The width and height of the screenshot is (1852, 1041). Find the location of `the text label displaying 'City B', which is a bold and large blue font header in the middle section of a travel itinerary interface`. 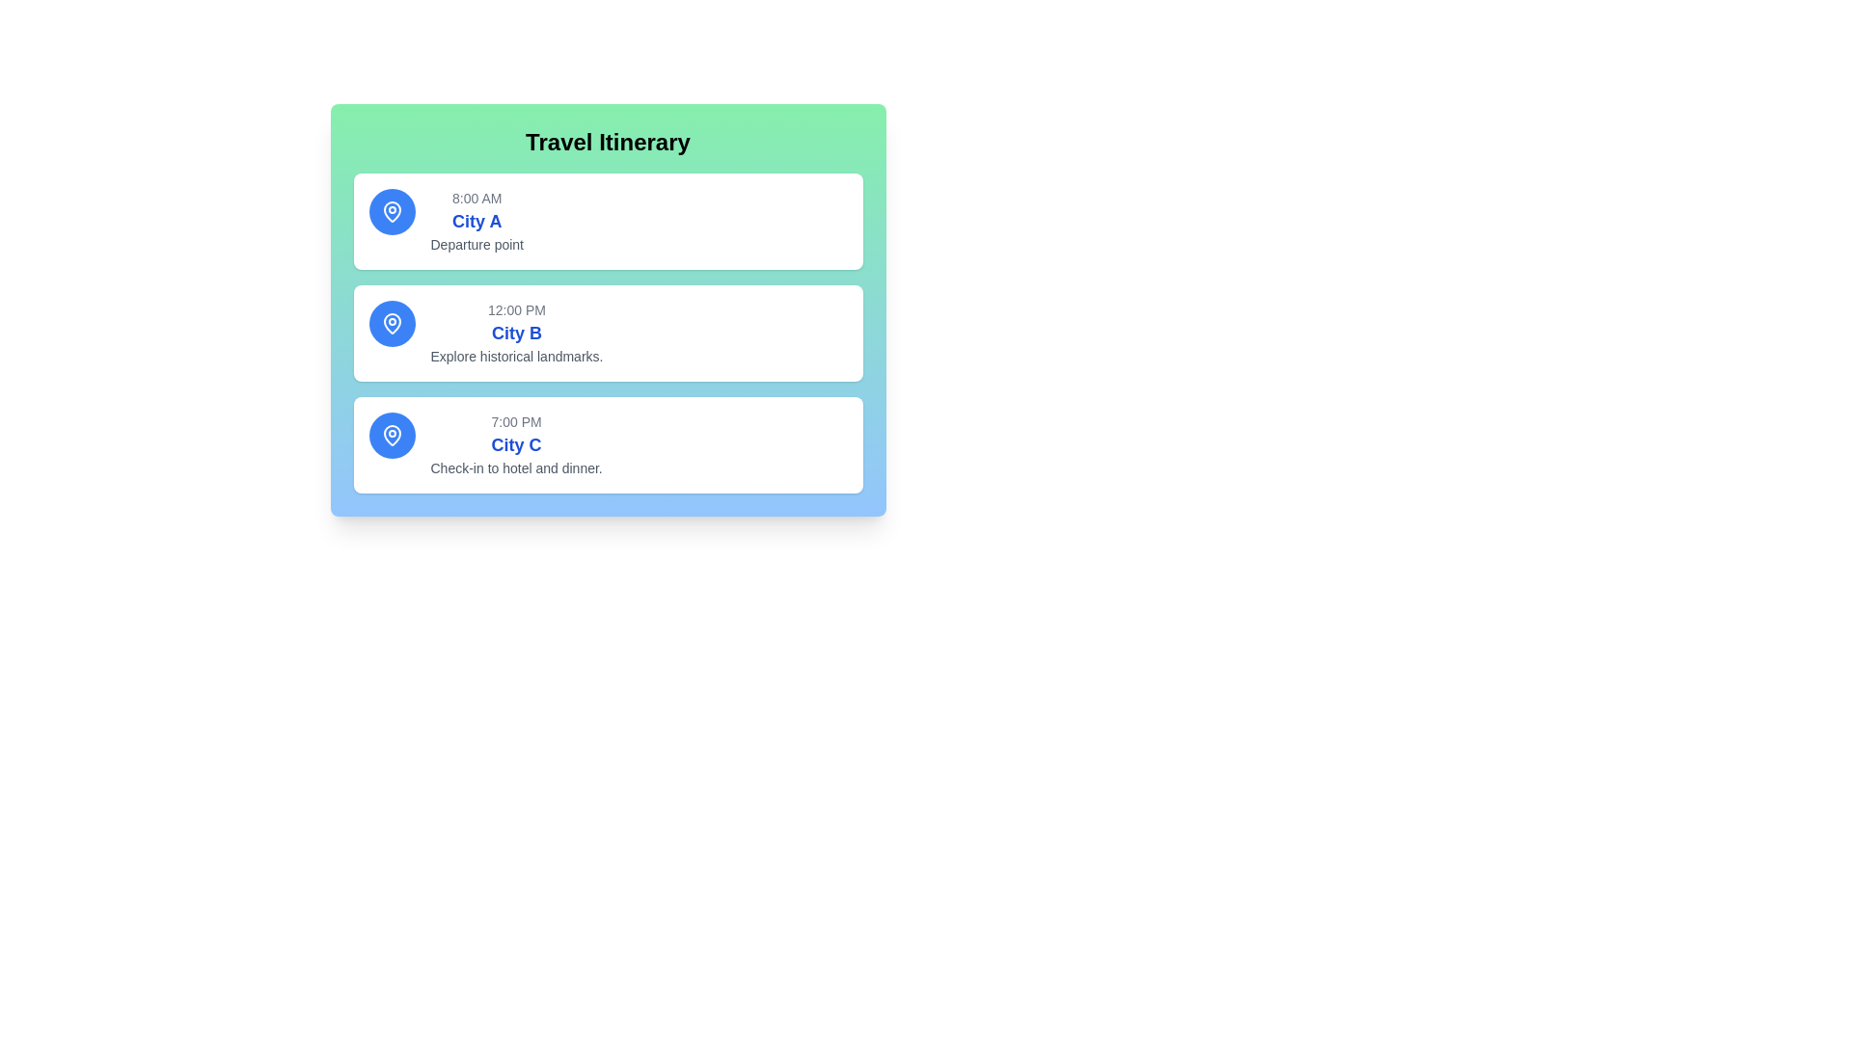

the text label displaying 'City B', which is a bold and large blue font header in the middle section of a travel itinerary interface is located at coordinates (517, 333).